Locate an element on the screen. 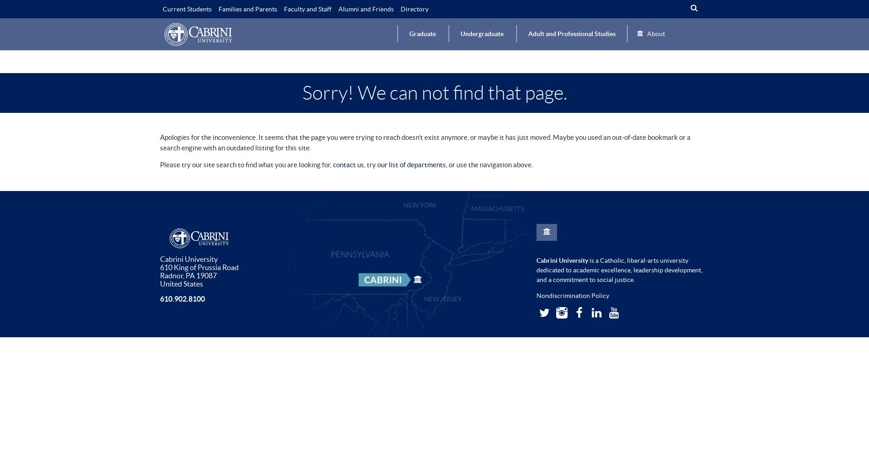 This screenshot has width=869, height=457. 'United States' is located at coordinates (181, 283).